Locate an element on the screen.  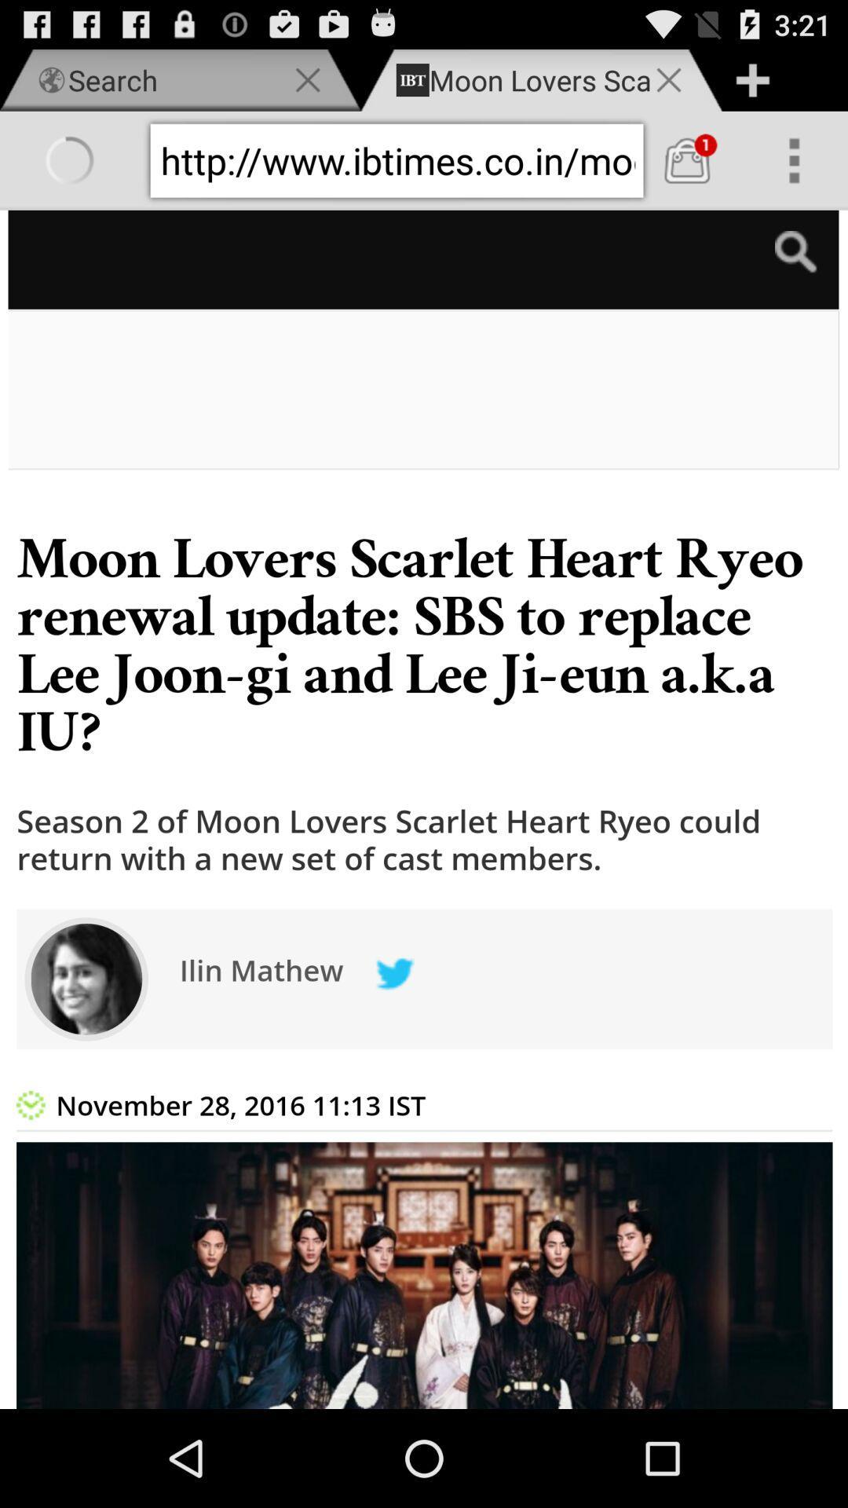
open more settings is located at coordinates (794, 160).